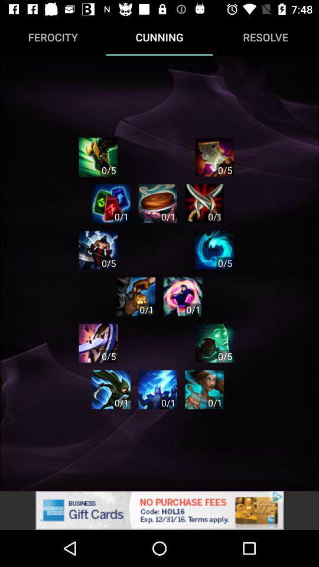 This screenshot has width=319, height=567. I want to click on enter the game, so click(97, 250).